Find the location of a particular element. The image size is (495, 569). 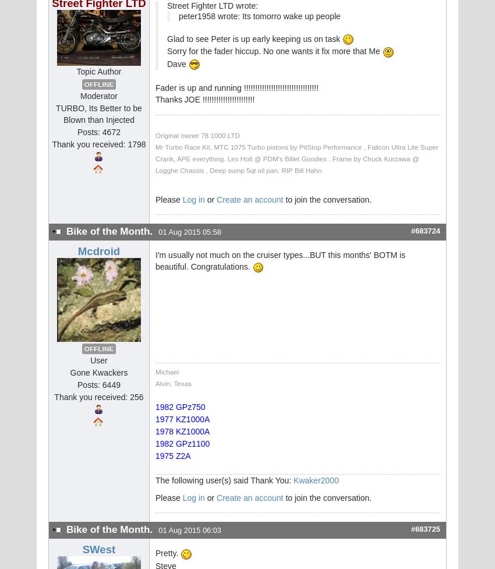

'1982 GPz750' is located at coordinates (180, 407).